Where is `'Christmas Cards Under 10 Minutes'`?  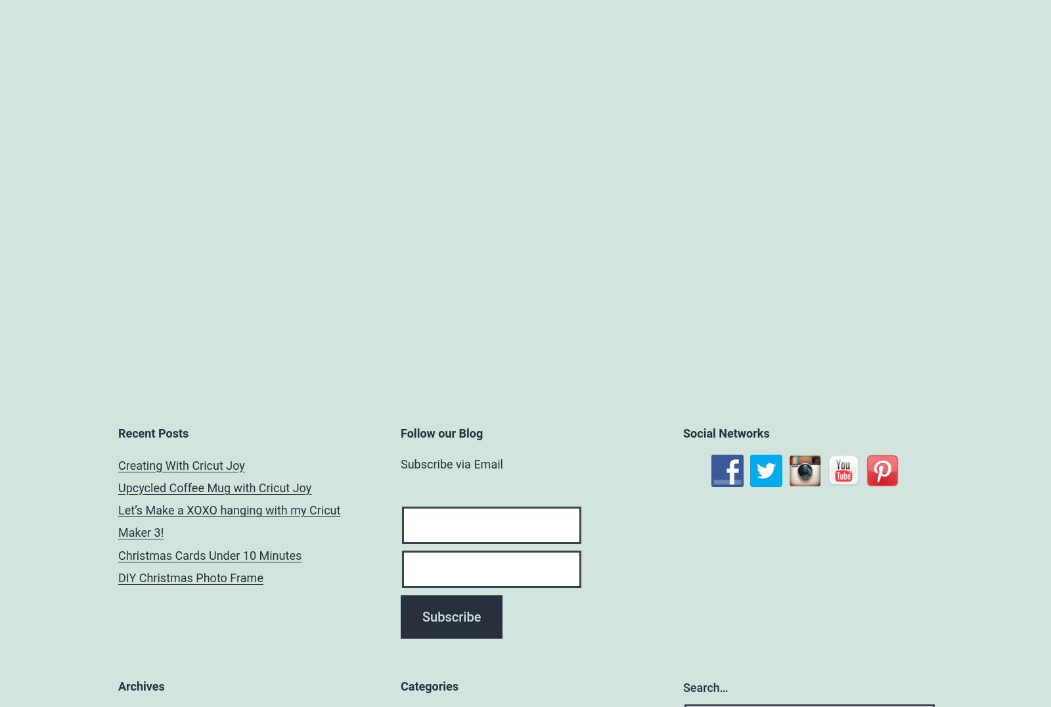
'Christmas Cards Under 10 Minutes' is located at coordinates (118, 554).